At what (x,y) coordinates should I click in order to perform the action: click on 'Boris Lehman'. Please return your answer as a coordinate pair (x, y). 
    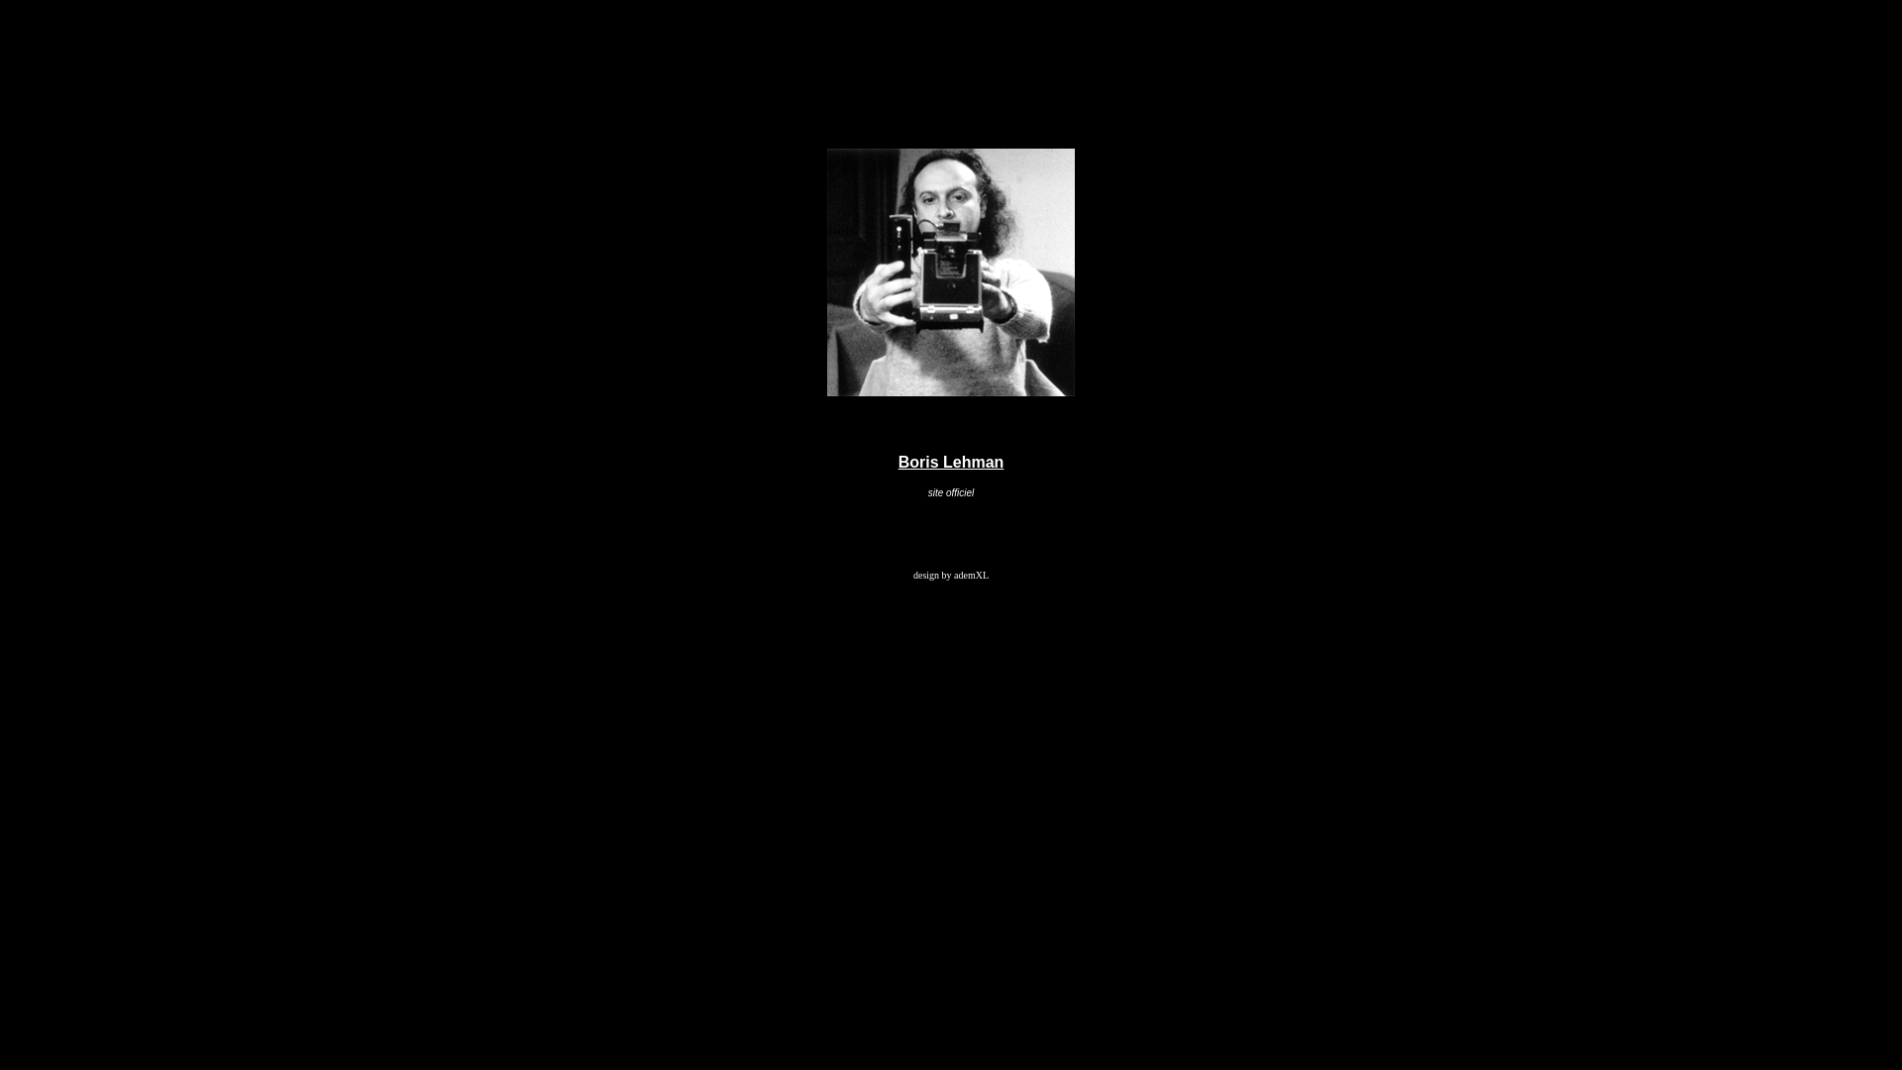
    Looking at the image, I should click on (951, 462).